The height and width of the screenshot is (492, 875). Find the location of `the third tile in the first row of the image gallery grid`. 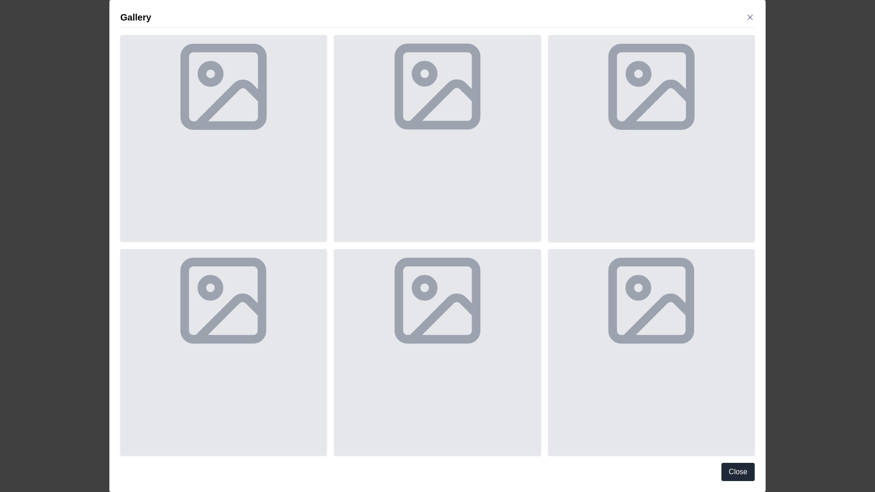

the third tile in the first row of the image gallery grid is located at coordinates (651, 138).